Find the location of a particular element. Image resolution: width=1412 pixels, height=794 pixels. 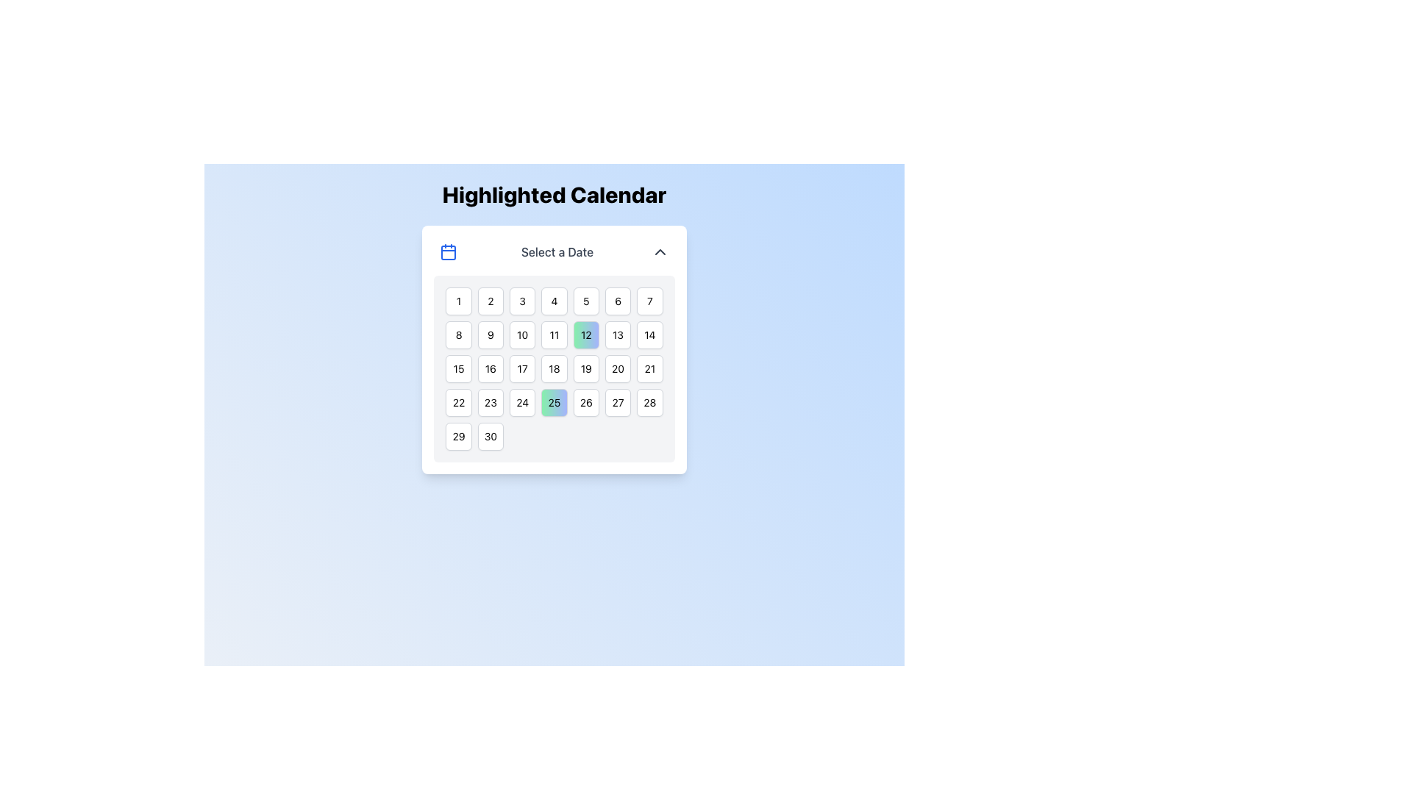

the small rectangular button with rounded corners that has the text '19' centered inside it is located at coordinates (585, 368).